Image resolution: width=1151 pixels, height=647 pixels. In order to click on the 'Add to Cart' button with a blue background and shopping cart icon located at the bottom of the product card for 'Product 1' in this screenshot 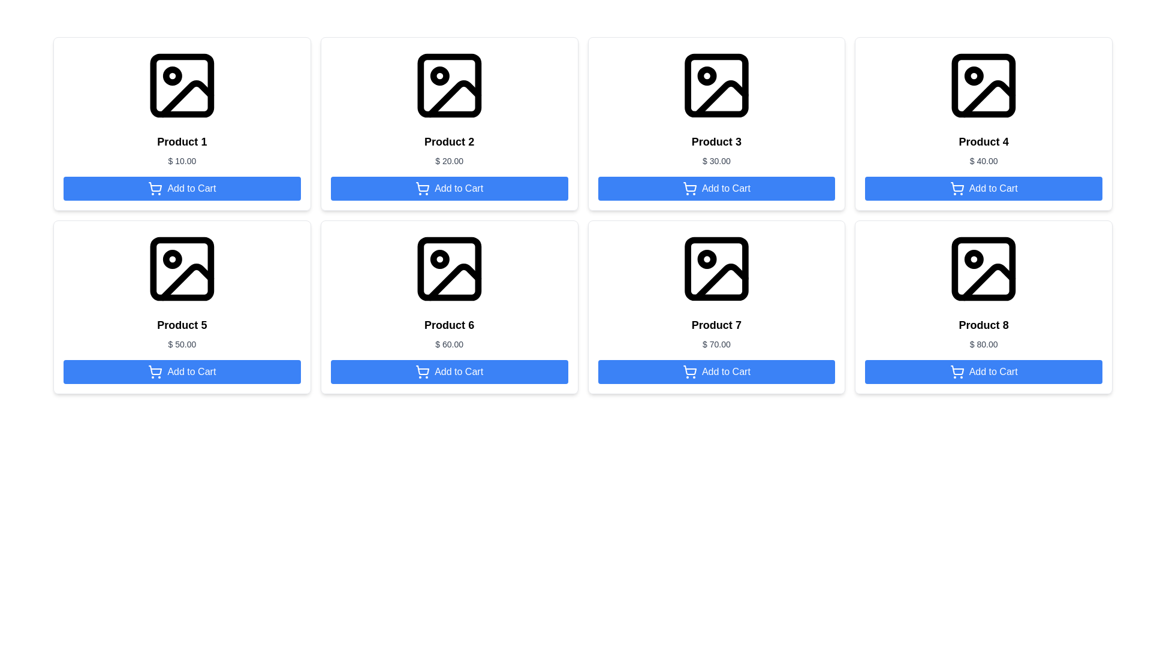, I will do `click(181, 189)`.